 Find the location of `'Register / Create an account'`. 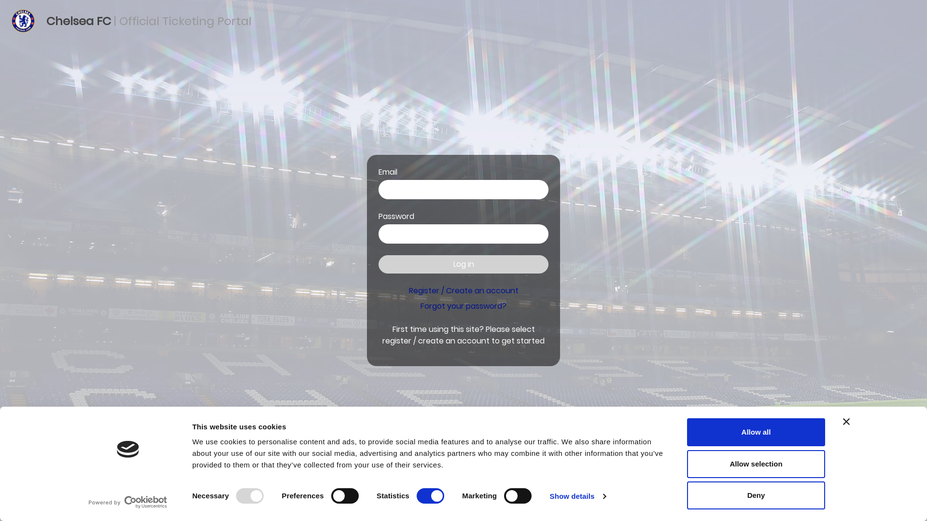

'Register / Create an account' is located at coordinates (463, 290).